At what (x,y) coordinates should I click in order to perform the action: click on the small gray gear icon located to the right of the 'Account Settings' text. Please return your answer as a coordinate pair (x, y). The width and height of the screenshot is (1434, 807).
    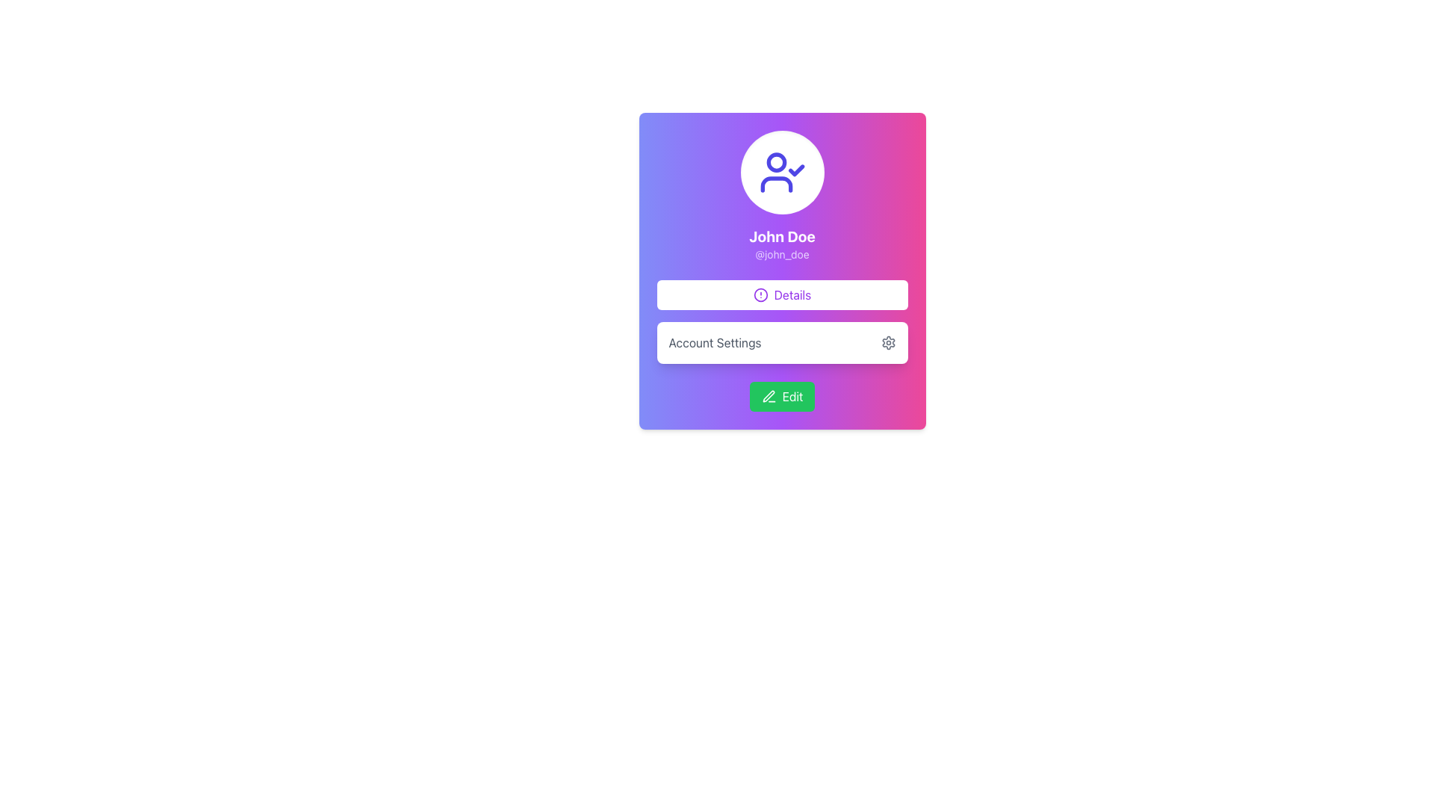
    Looking at the image, I should click on (888, 343).